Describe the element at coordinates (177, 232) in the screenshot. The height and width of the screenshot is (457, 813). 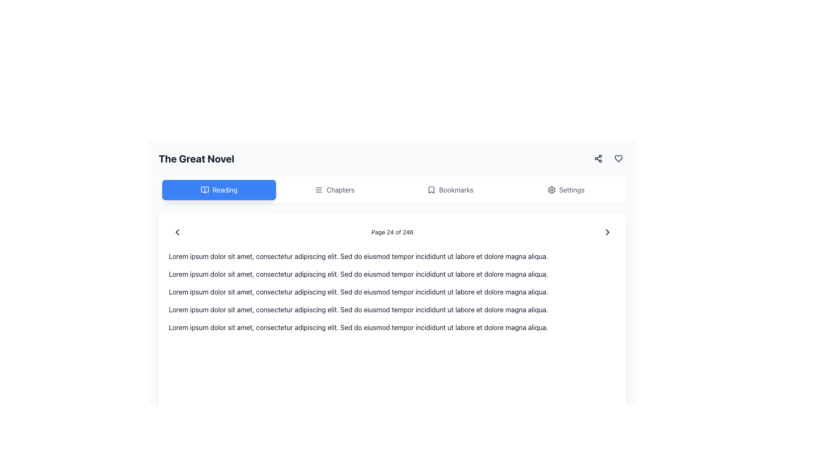
I see `the left chevron SVG icon located in the top-left corner of the reading section` at that location.